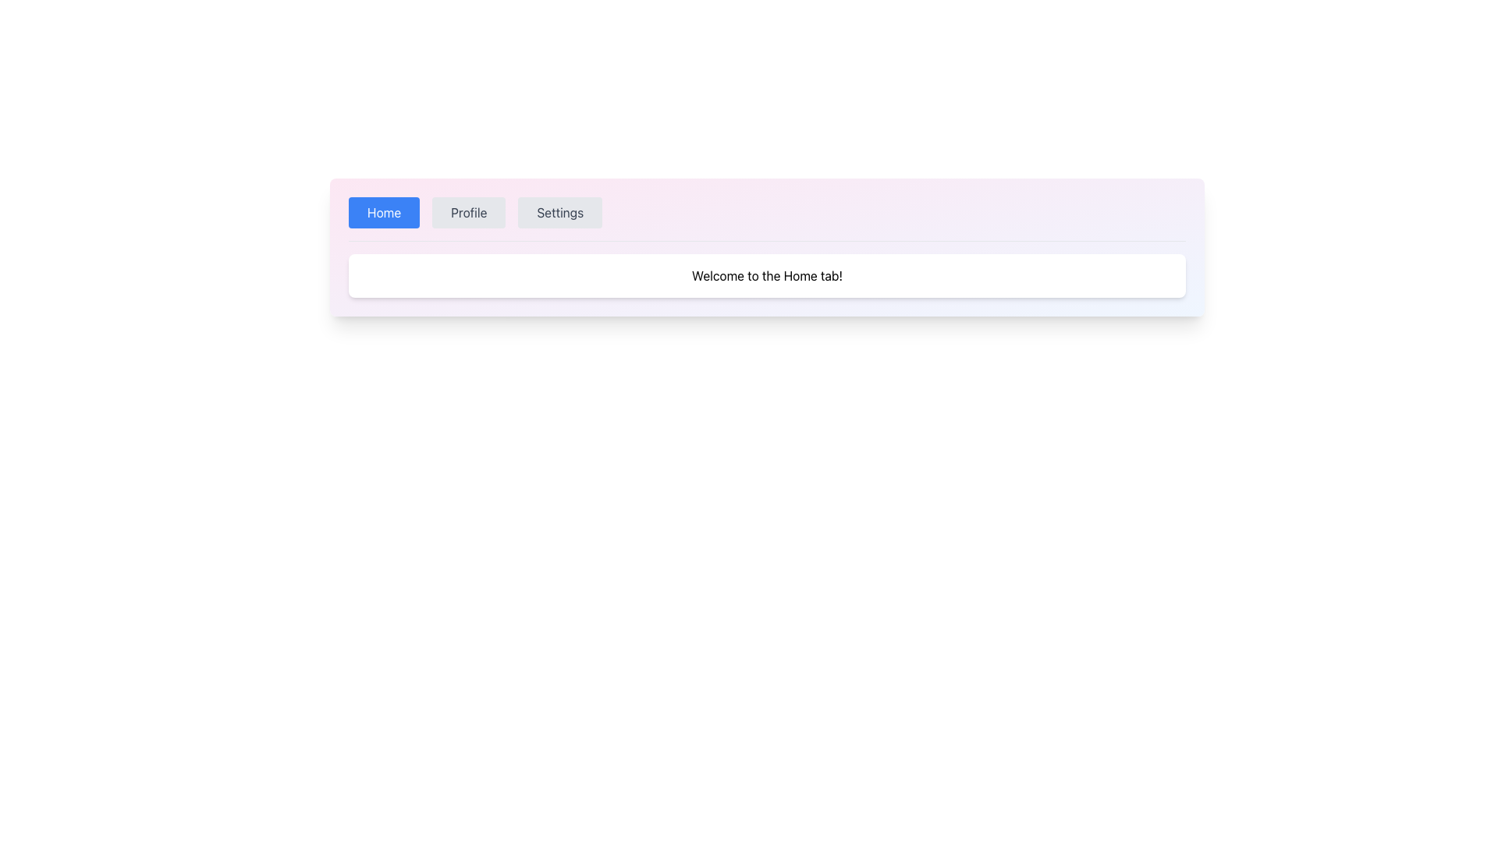 The image size is (1498, 842). What do you see at coordinates (468, 213) in the screenshot?
I see `the 'Profile' button in the navigation bar` at bounding box center [468, 213].